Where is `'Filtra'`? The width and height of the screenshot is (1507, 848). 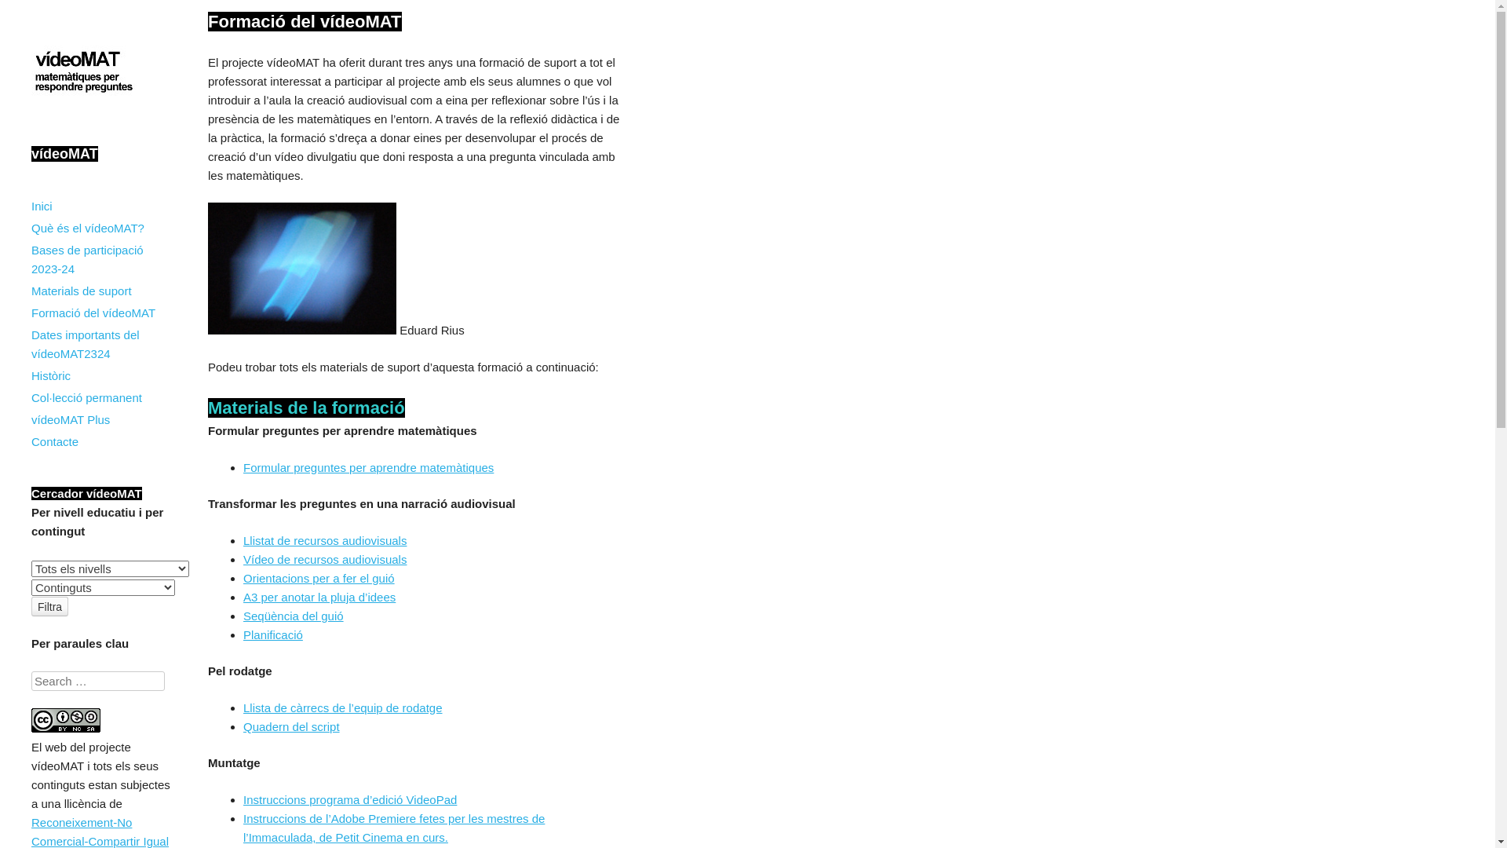 'Filtra' is located at coordinates (49, 605).